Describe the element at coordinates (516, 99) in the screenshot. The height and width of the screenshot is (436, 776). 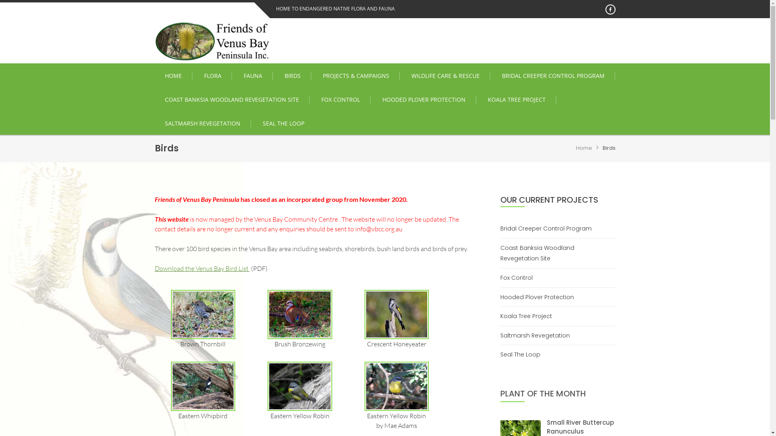
I see `'KOALA TREE PROJECT'` at that location.